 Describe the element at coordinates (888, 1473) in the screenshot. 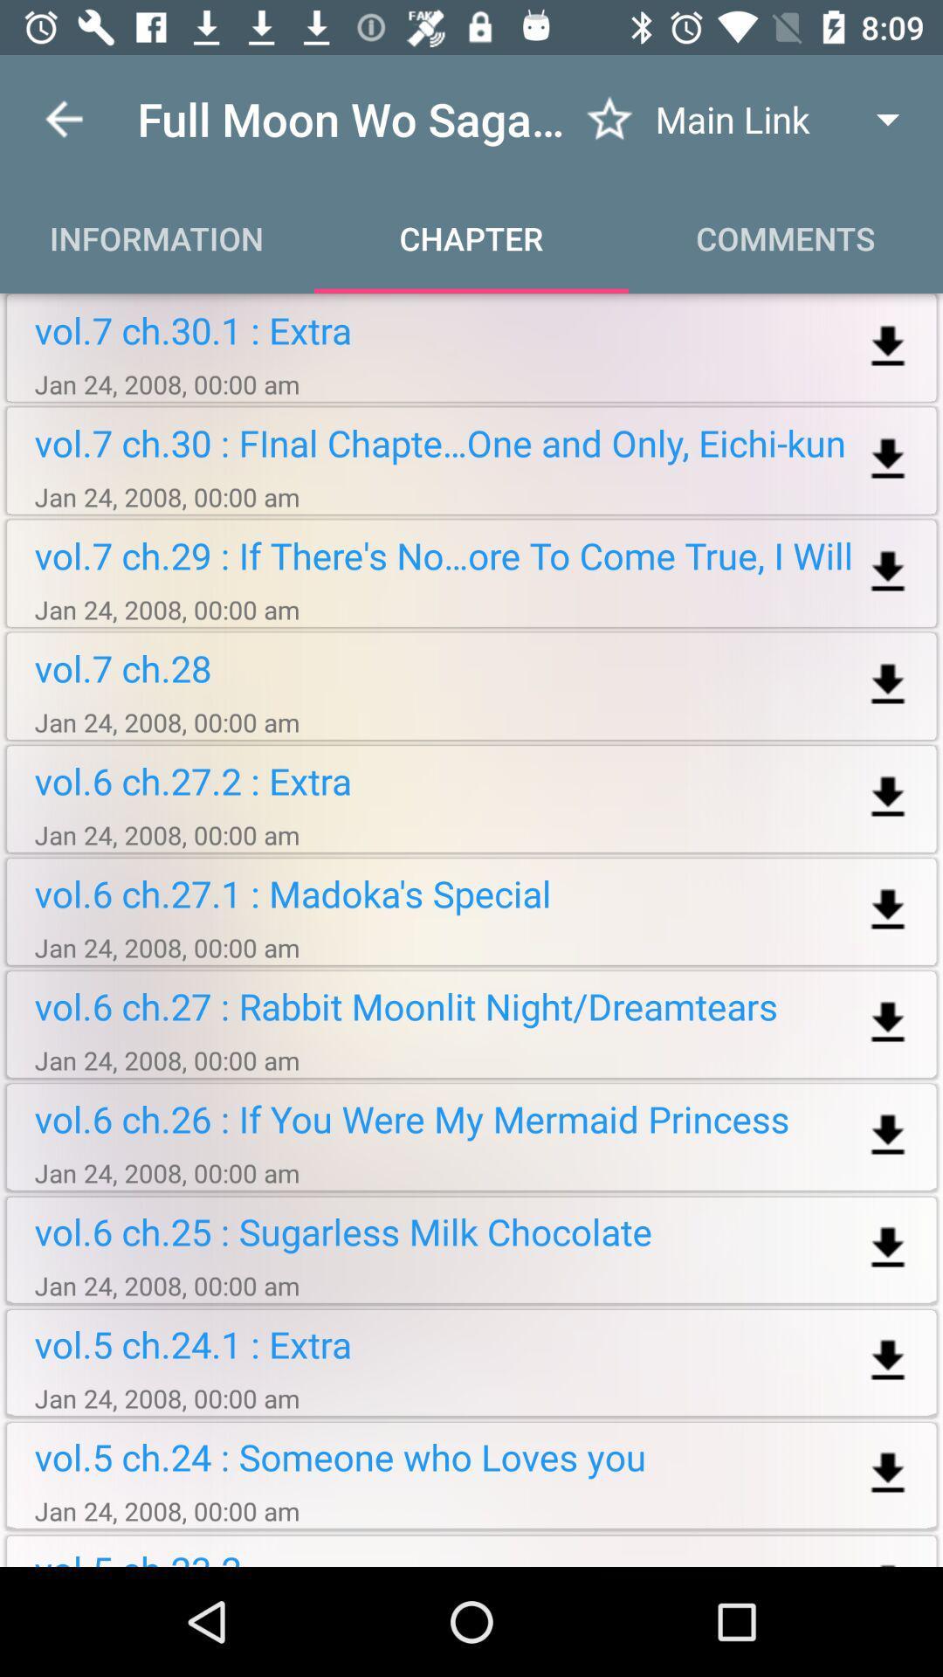

I see `download button` at that location.